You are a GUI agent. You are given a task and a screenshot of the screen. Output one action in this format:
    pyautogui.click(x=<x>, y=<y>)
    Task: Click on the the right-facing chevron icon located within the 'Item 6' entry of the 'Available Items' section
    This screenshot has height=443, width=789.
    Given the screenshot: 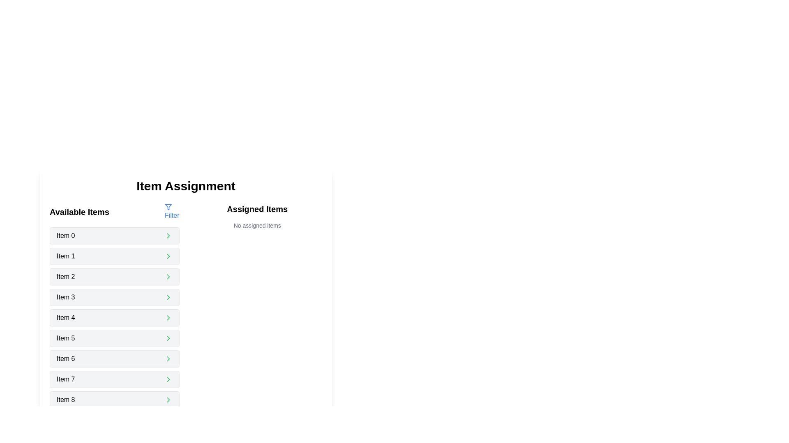 What is the action you would take?
    pyautogui.click(x=168, y=359)
    